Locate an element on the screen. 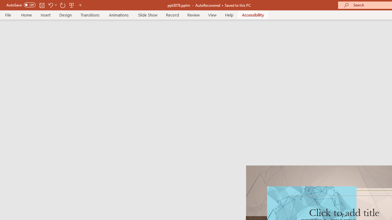  'View' is located at coordinates (212, 15).